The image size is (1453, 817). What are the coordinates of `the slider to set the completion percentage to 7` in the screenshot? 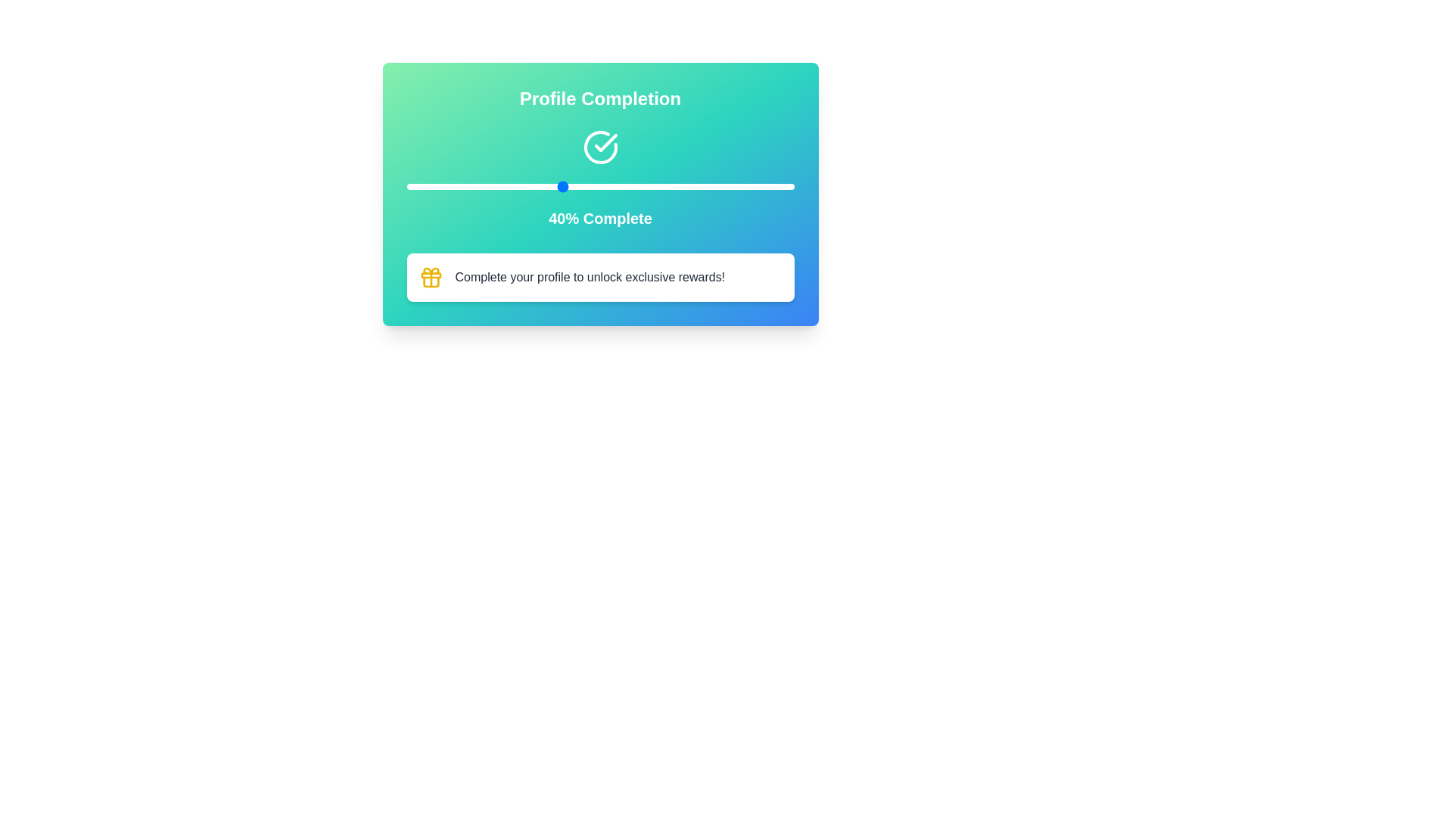 It's located at (433, 185).